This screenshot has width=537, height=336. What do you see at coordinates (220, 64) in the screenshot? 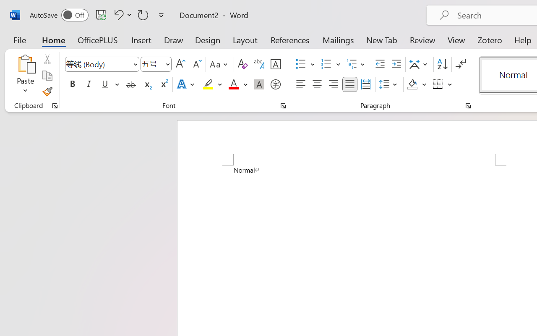
I see `'Change Case'` at bounding box center [220, 64].